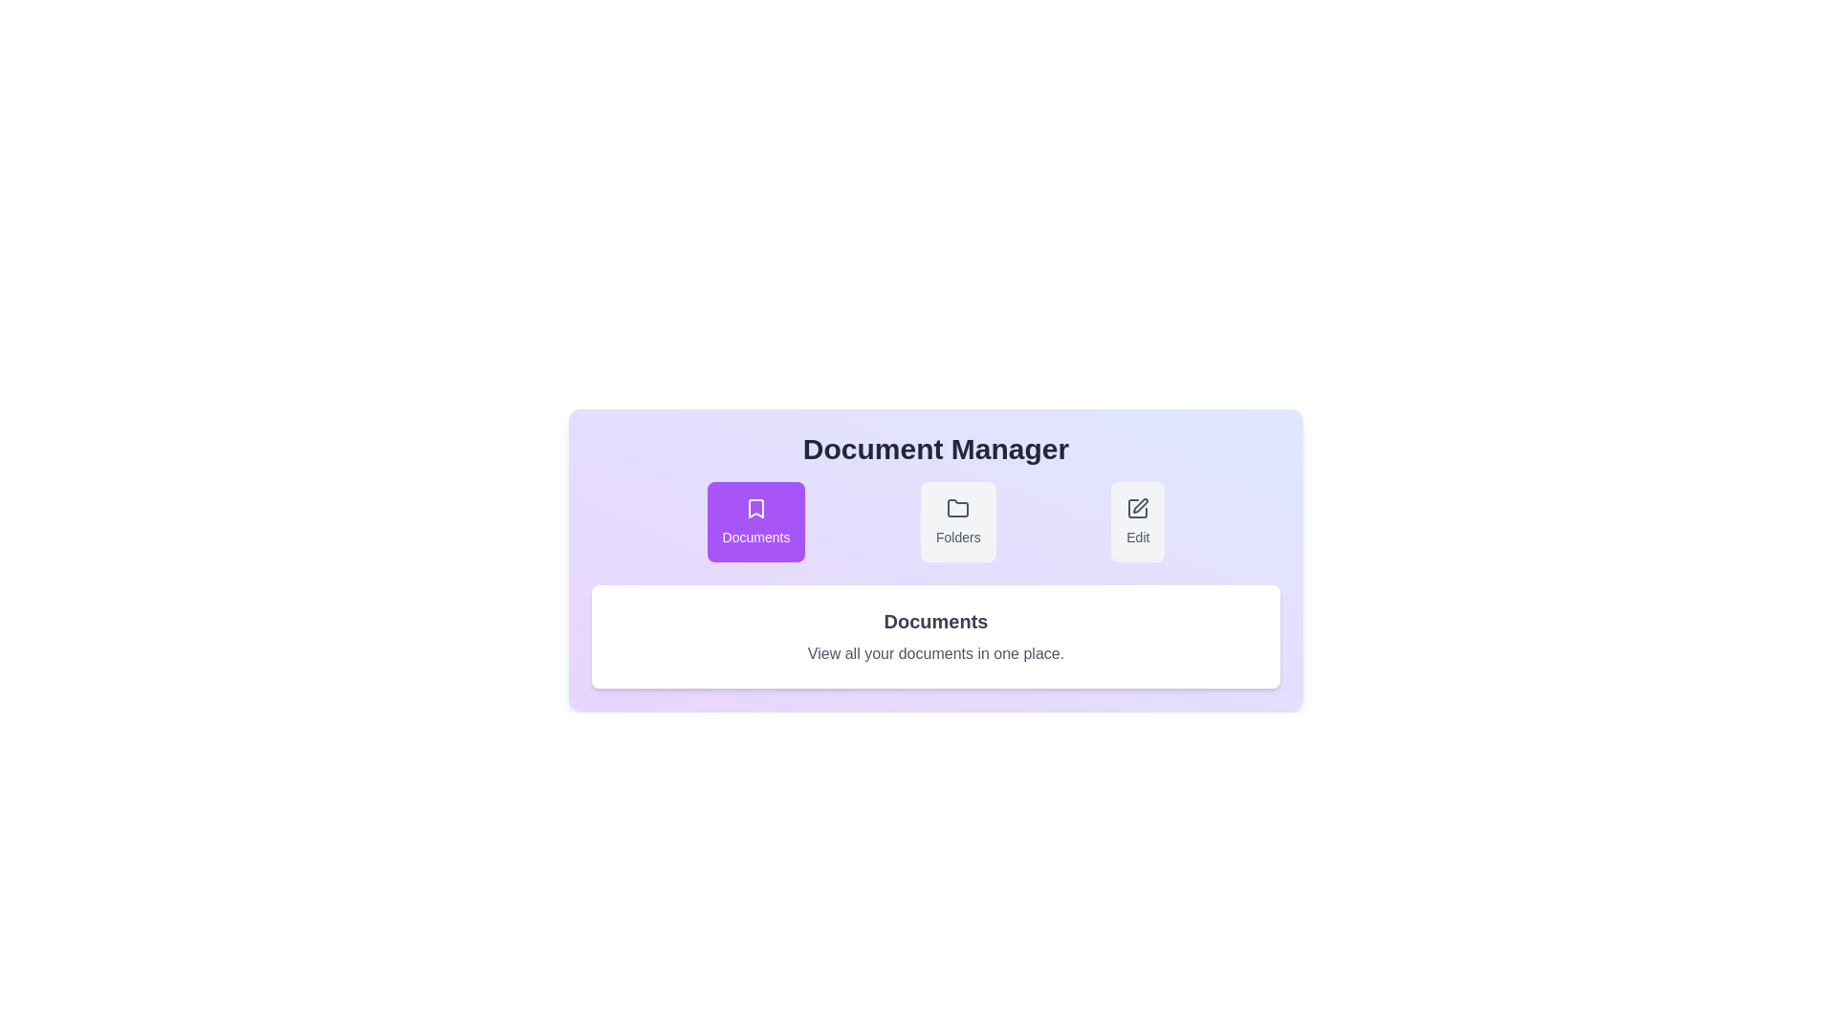 The height and width of the screenshot is (1033, 1836). What do you see at coordinates (1138, 538) in the screenshot?
I see `the 'Edit' text label located at the bottom-most position inside the rightmost button of a card-like structure with multiple interactive elements` at bounding box center [1138, 538].